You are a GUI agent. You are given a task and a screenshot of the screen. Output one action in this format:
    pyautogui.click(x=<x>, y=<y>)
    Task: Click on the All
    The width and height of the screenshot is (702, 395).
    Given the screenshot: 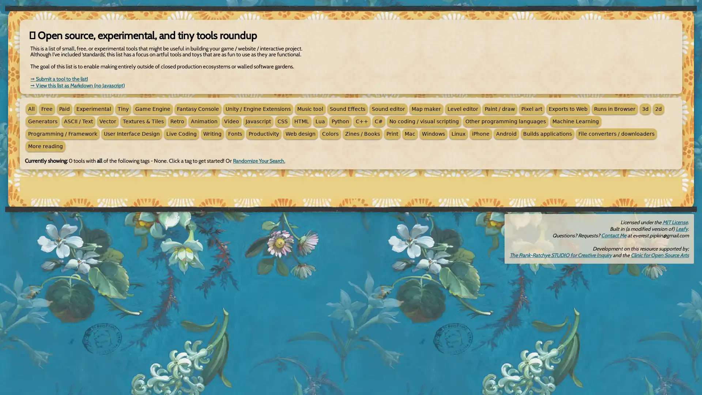 What is the action you would take?
    pyautogui.click(x=31, y=109)
    